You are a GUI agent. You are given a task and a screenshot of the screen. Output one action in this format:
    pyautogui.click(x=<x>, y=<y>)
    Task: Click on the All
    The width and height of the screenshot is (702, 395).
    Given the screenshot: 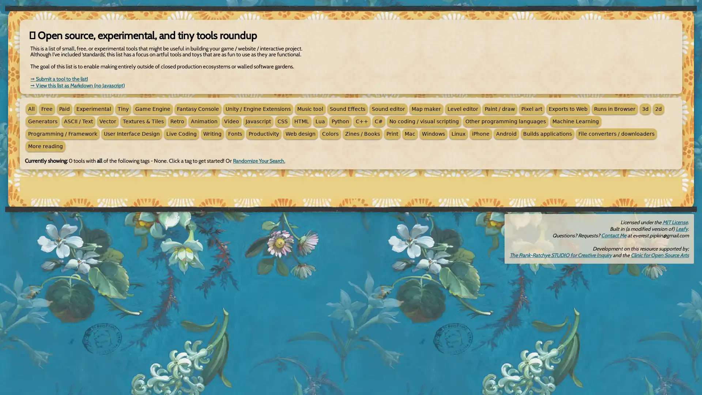 What is the action you would take?
    pyautogui.click(x=31, y=109)
    